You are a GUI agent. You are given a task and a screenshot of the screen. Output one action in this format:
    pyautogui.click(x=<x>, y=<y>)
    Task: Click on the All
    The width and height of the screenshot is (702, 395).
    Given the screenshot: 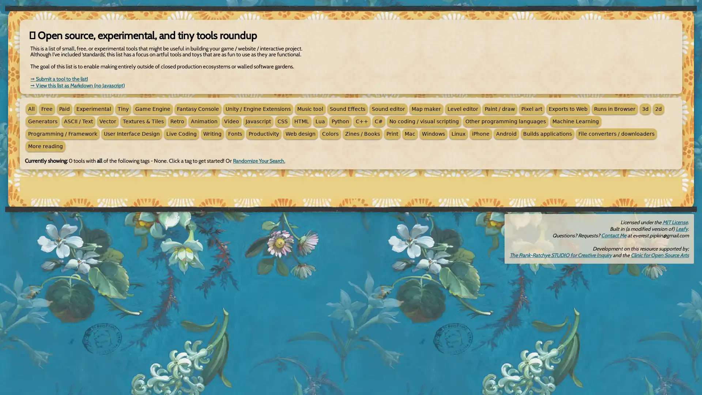 What is the action you would take?
    pyautogui.click(x=31, y=109)
    